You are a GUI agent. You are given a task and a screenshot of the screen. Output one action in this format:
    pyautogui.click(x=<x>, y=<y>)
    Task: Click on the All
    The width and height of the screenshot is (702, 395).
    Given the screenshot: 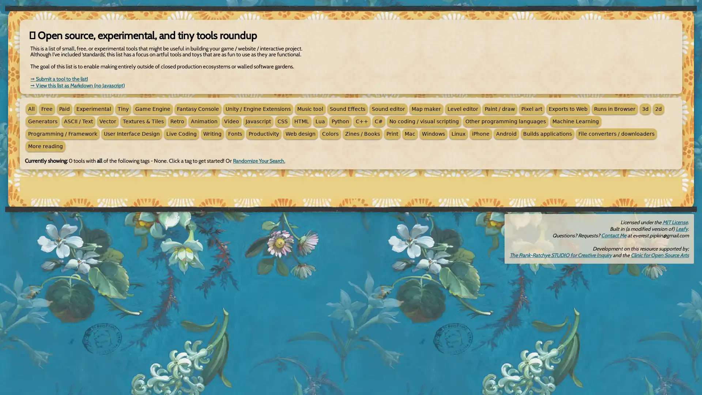 What is the action you would take?
    pyautogui.click(x=31, y=109)
    